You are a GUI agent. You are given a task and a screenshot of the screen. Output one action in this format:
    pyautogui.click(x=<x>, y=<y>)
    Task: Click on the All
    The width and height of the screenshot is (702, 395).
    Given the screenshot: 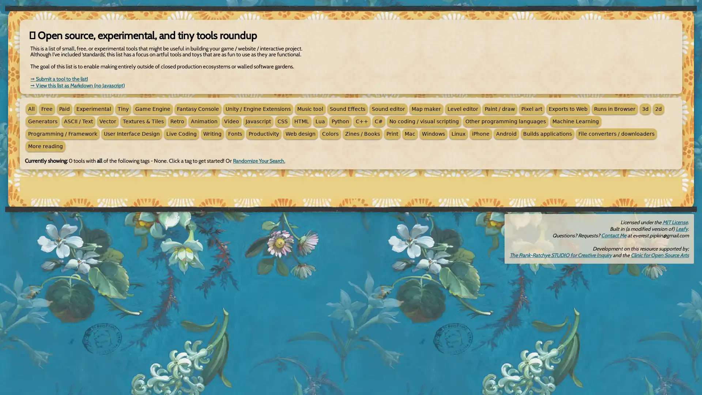 What is the action you would take?
    pyautogui.click(x=31, y=109)
    